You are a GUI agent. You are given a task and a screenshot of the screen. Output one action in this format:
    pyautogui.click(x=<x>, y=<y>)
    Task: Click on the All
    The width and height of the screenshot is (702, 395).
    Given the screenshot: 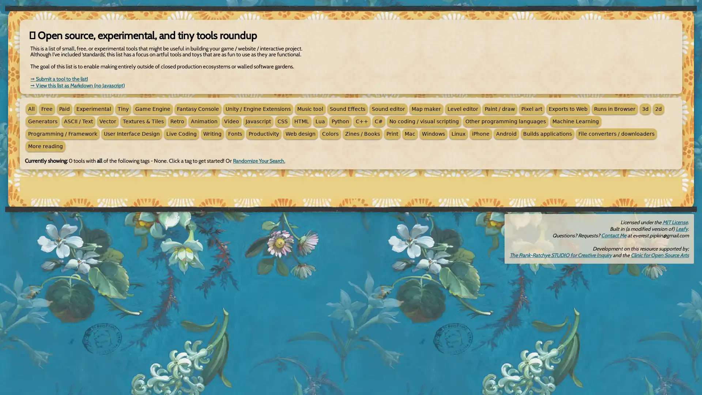 What is the action you would take?
    pyautogui.click(x=31, y=109)
    